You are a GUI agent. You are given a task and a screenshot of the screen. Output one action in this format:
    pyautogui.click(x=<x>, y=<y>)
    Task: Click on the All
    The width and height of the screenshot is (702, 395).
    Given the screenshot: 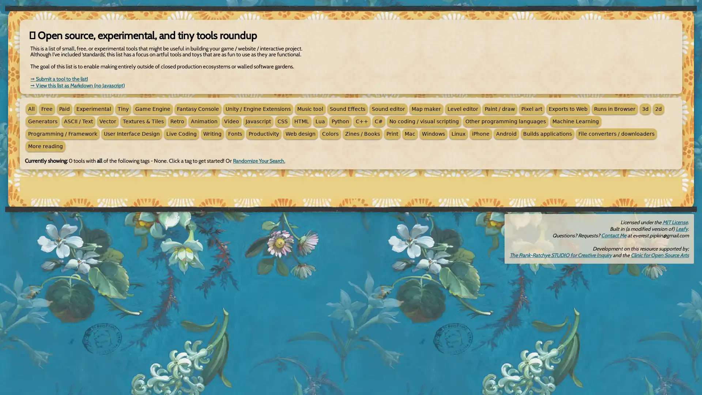 What is the action you would take?
    pyautogui.click(x=31, y=109)
    